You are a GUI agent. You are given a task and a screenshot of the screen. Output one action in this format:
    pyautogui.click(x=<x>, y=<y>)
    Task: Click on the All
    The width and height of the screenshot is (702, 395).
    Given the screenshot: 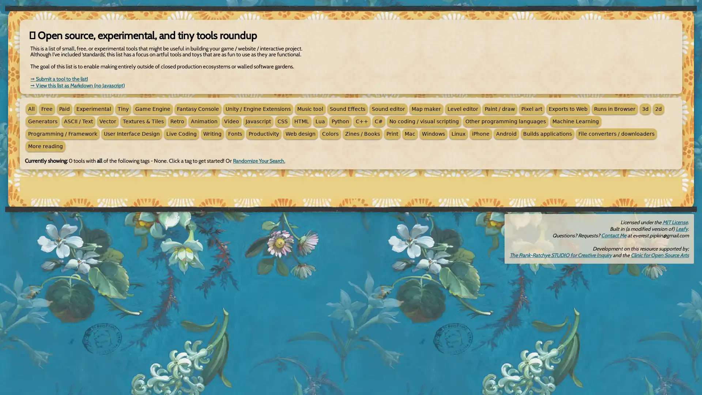 What is the action you would take?
    pyautogui.click(x=31, y=109)
    